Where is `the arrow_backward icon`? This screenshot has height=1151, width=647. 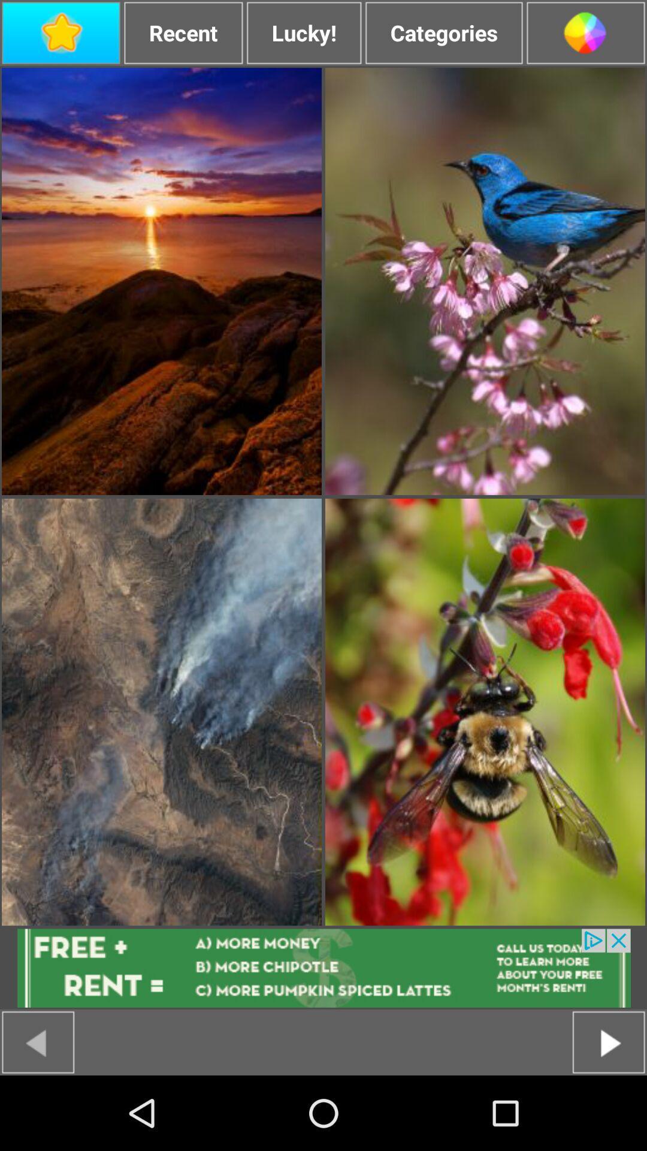
the arrow_backward icon is located at coordinates (37, 1115).